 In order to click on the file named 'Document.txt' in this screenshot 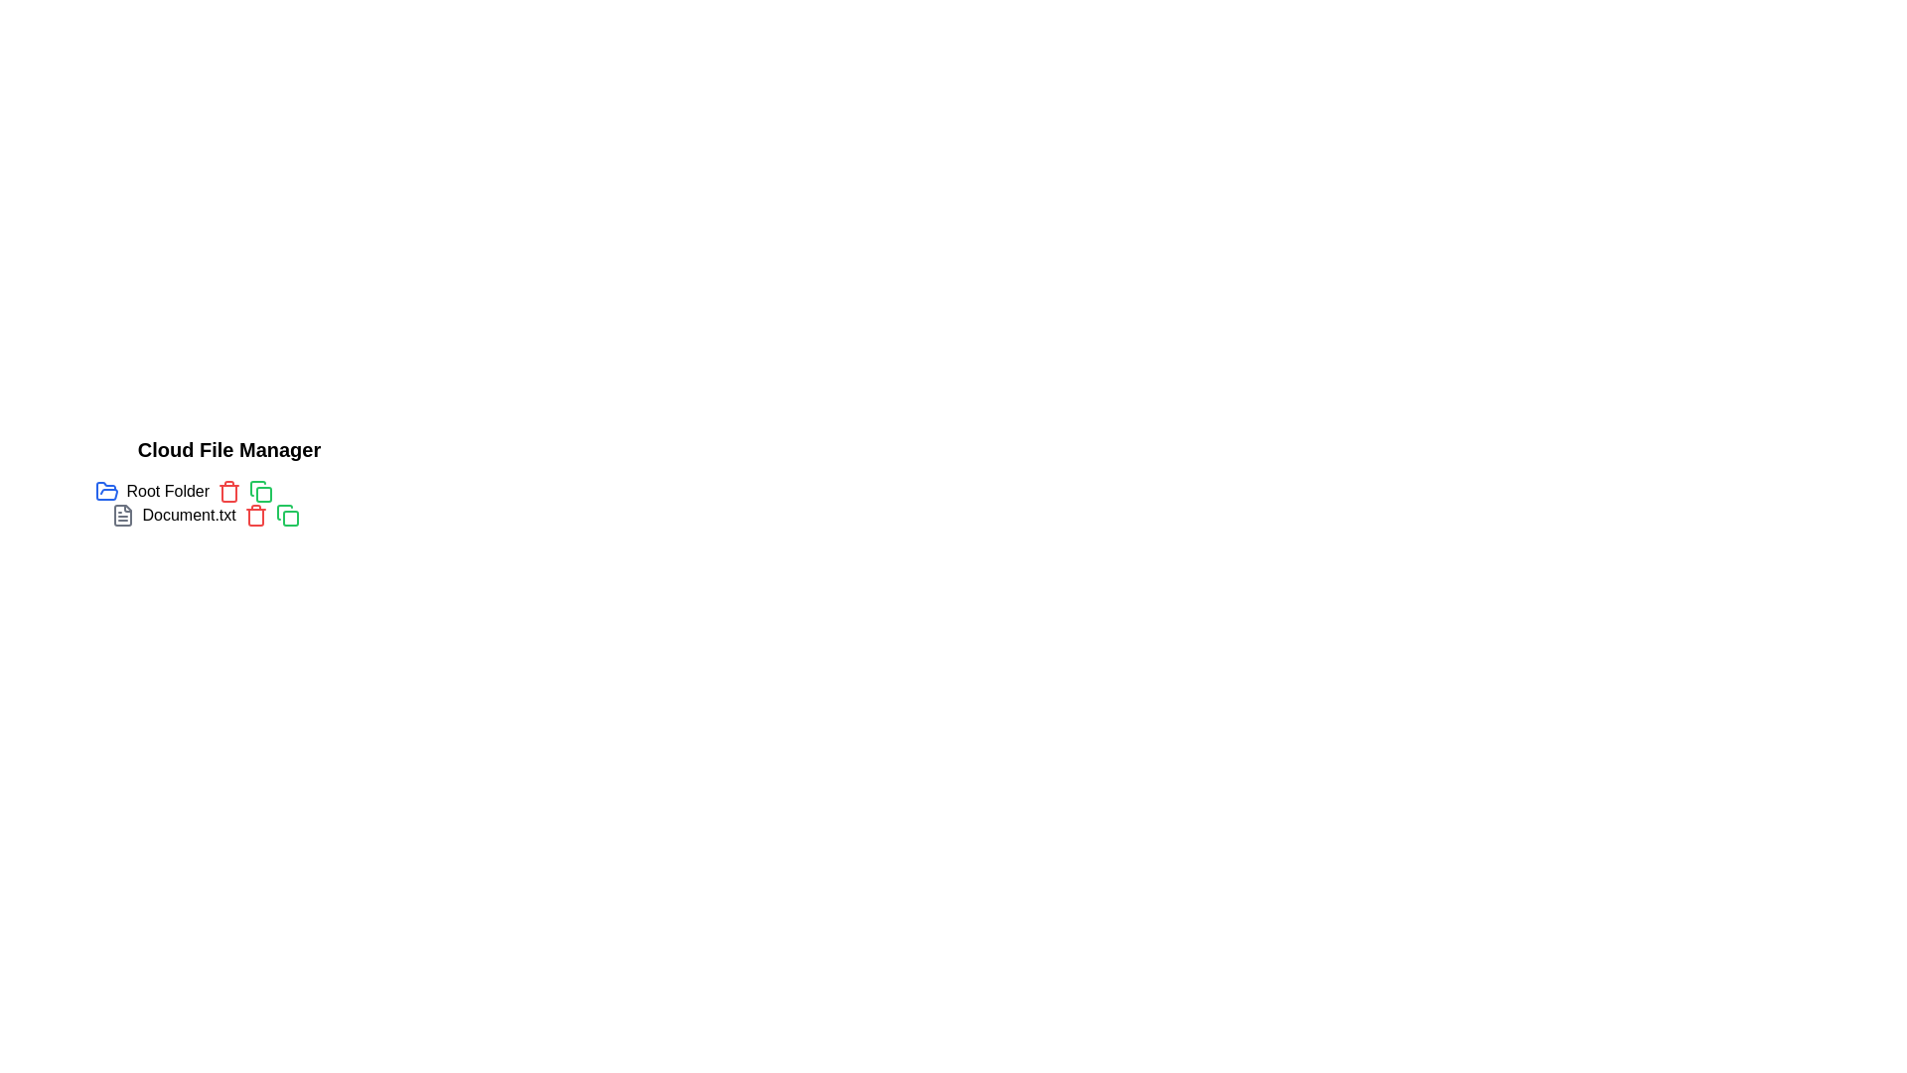, I will do `click(237, 515)`.